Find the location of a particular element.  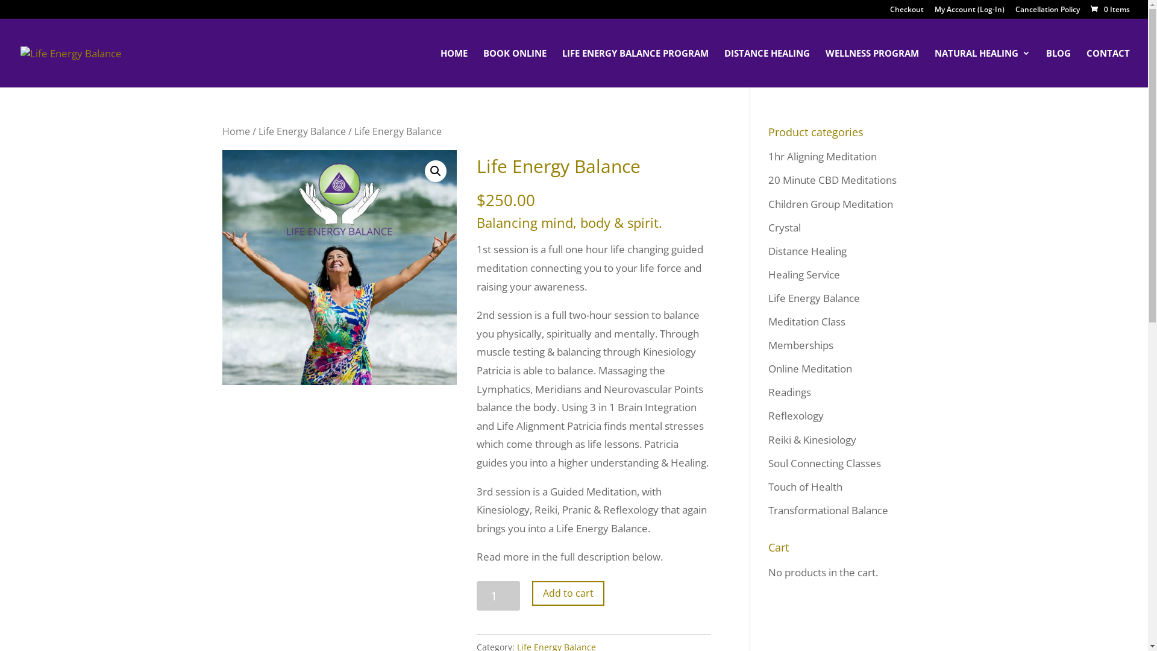

'Healing Service' is located at coordinates (803, 274).